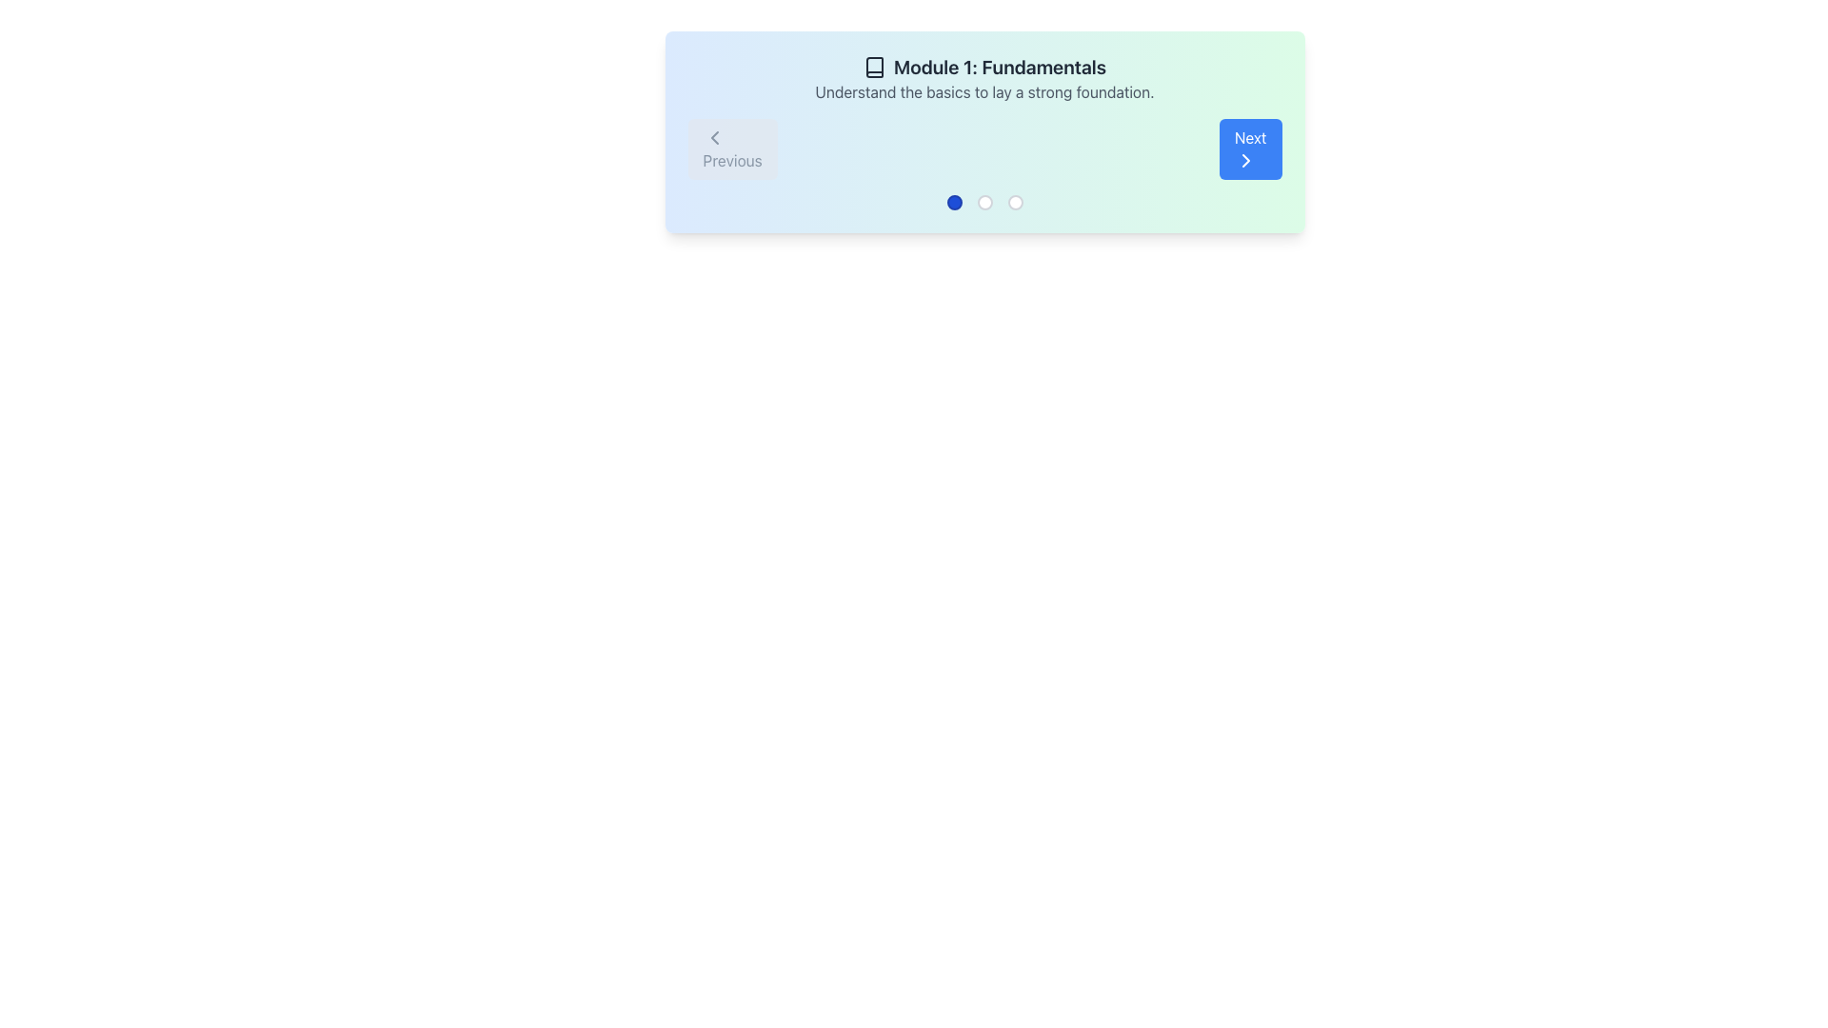  I want to click on the left navigation SVG icon located at the center-left of the 'Previous' button in the horizontal navigation header, so click(713, 137).